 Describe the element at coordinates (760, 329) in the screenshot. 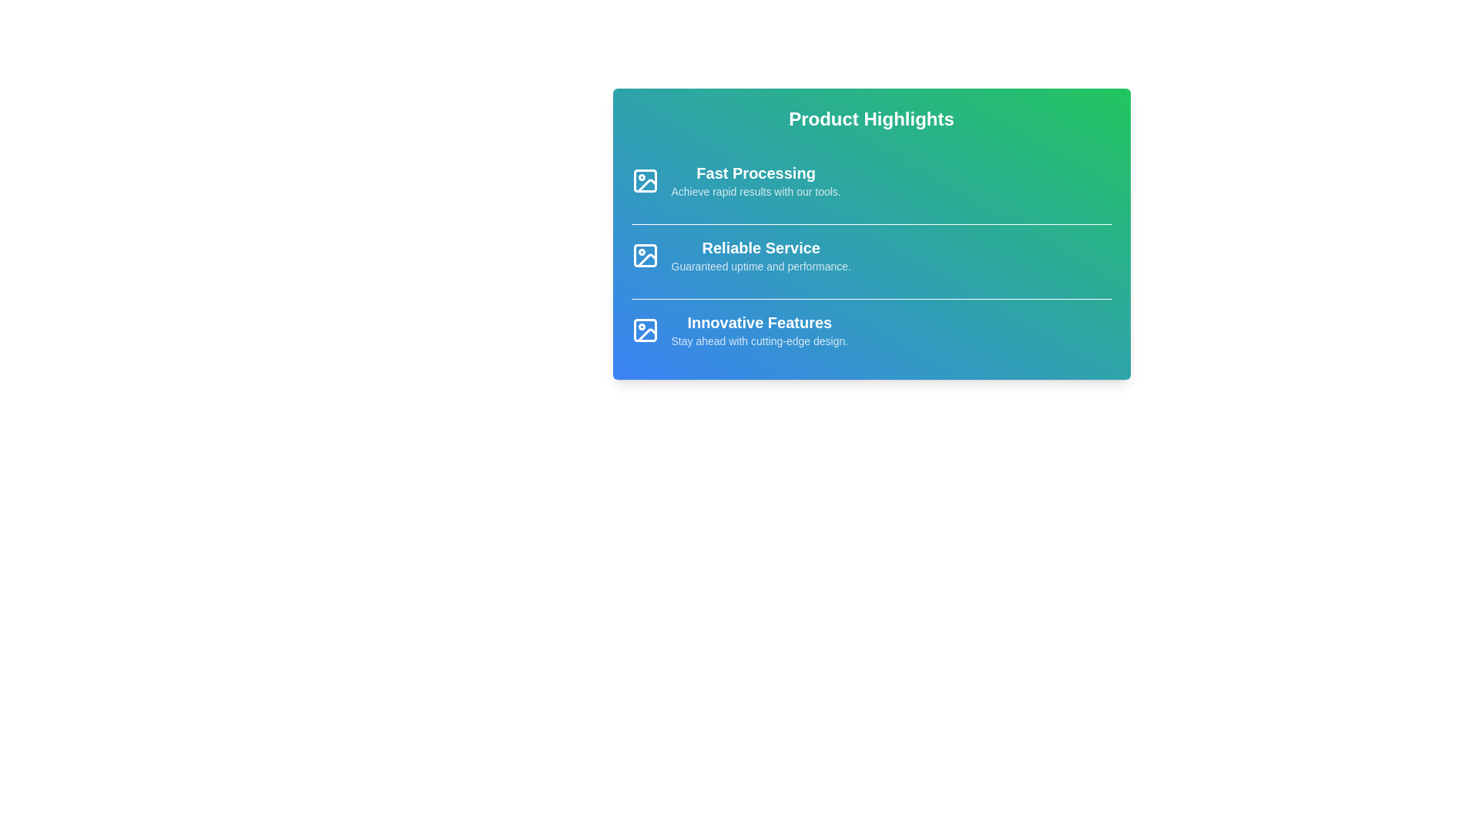

I see `text content 'Innovative Features' and 'Stay ahead with cutting-edge design.' located in the bottom-right section of the 'Product Highlights' card` at that location.